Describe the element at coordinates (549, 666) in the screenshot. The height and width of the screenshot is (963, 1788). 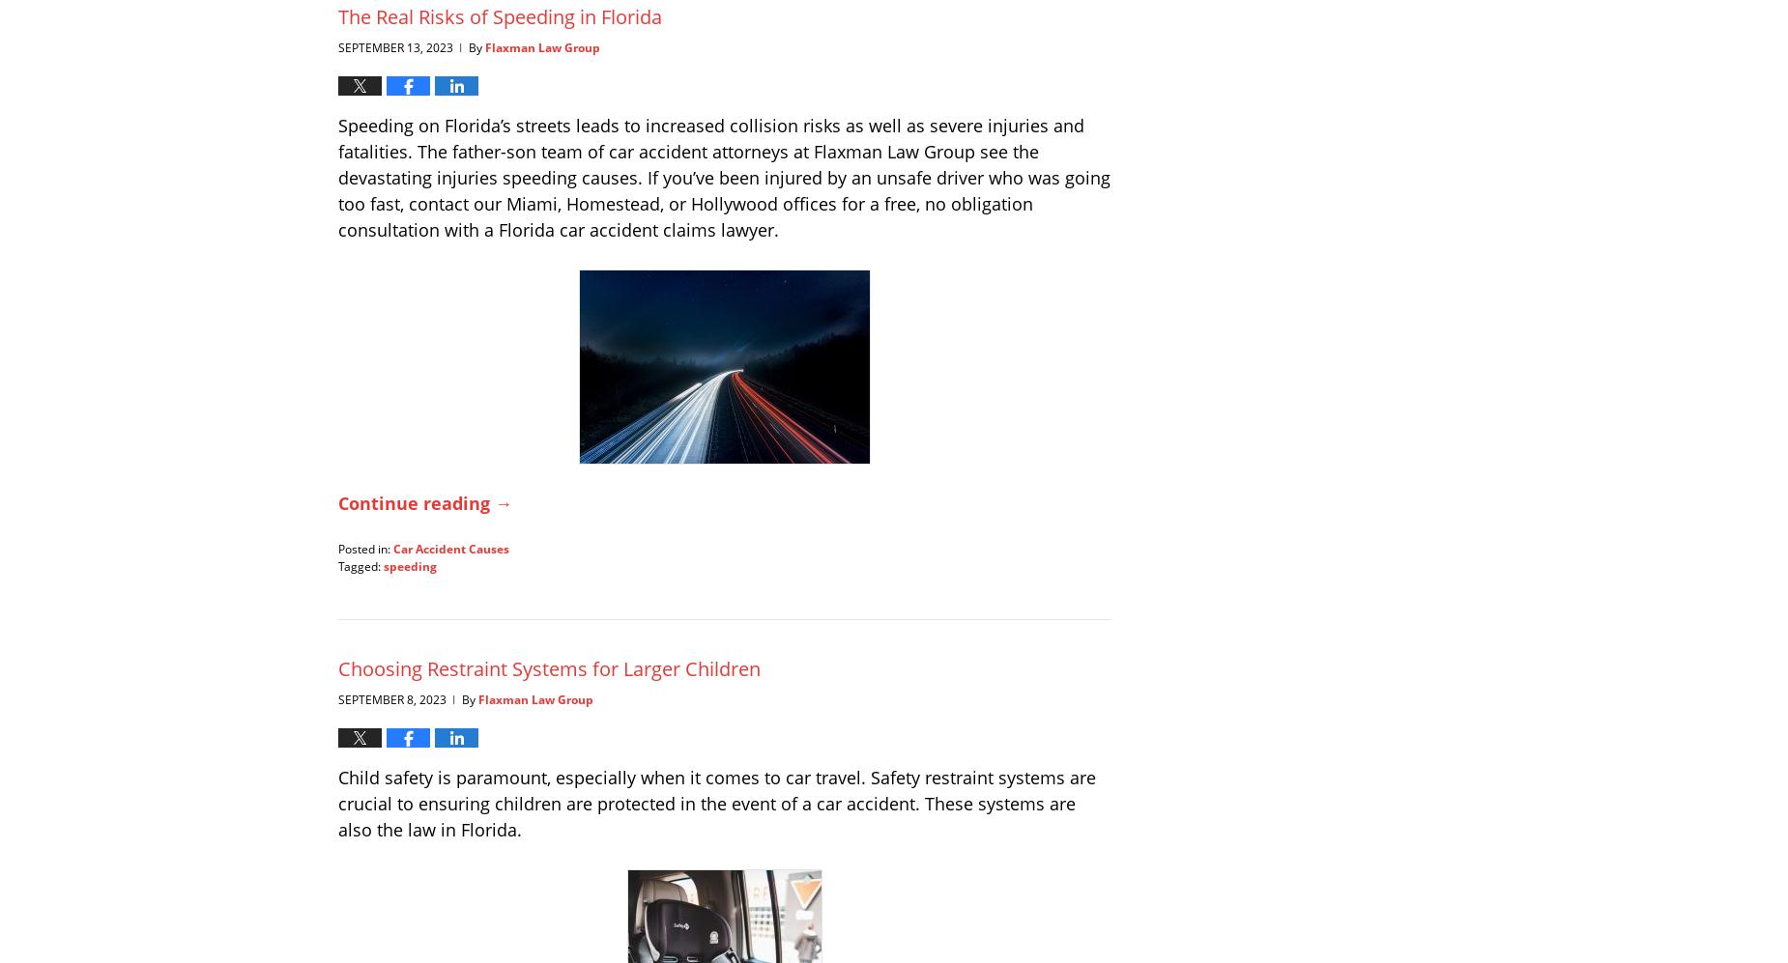
I see `'Choosing Restraint Systems for Larger Children'` at that location.